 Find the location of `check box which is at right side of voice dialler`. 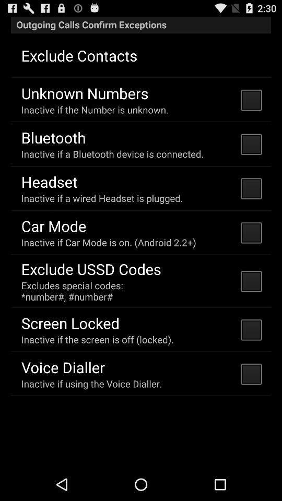

check box which is at right side of voice dialler is located at coordinates (250, 374).